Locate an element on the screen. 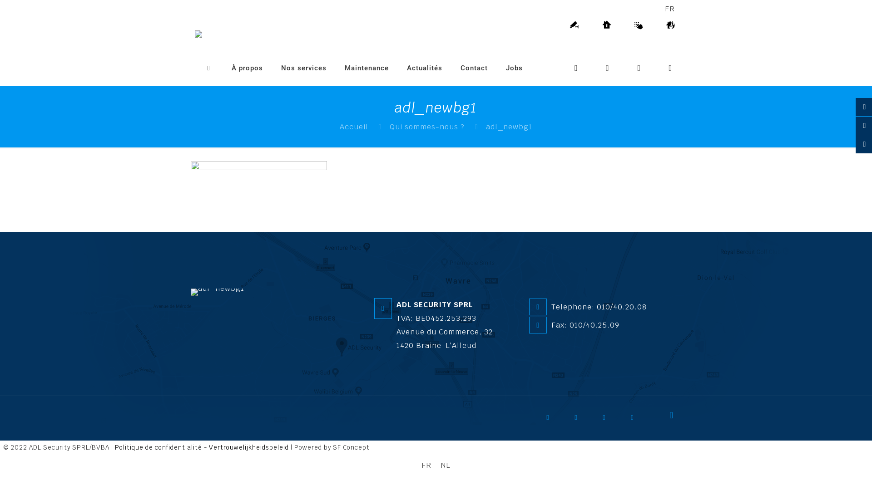 Image resolution: width=872 pixels, height=490 pixels. 'FR' is located at coordinates (416, 465).